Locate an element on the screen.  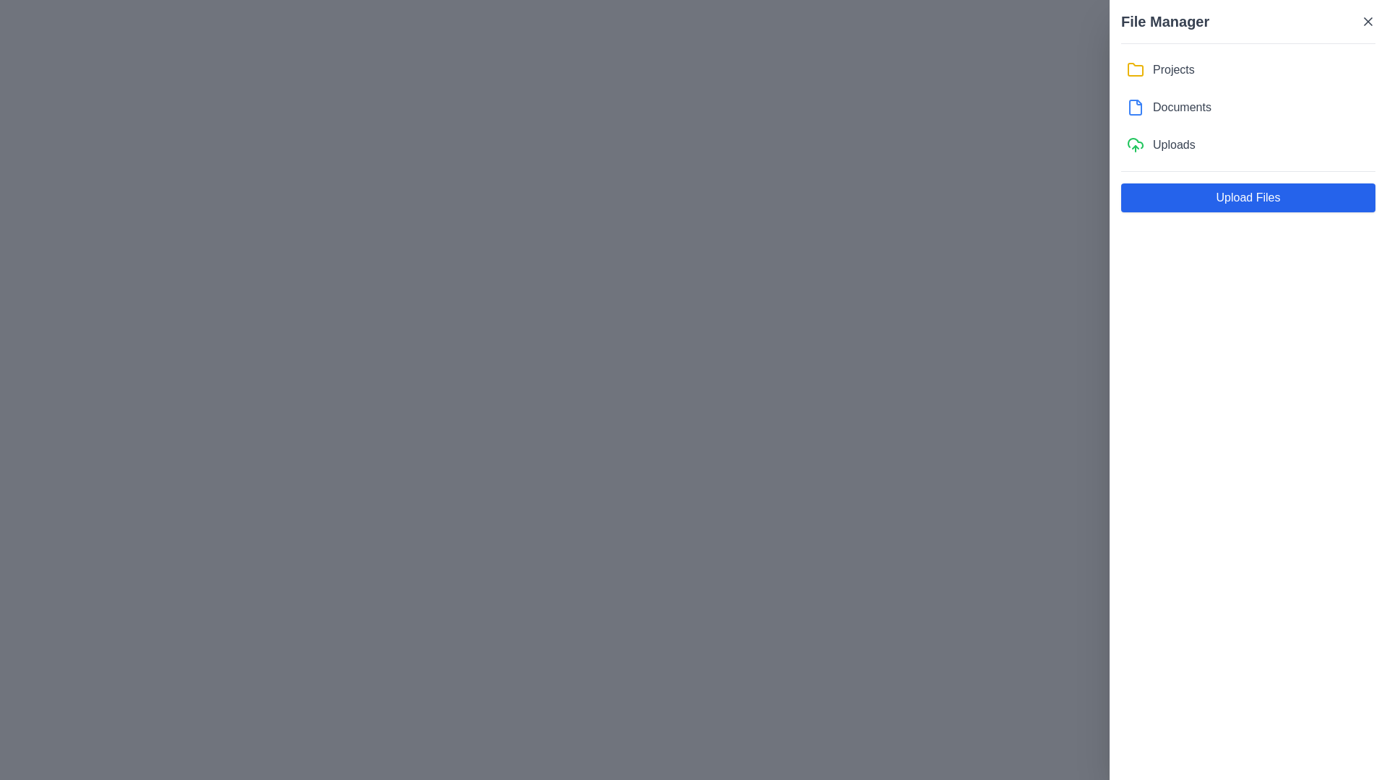
the document icon with a blue outline located next to the 'Documents' label in the 'File Manager' section is located at coordinates (1134, 107).